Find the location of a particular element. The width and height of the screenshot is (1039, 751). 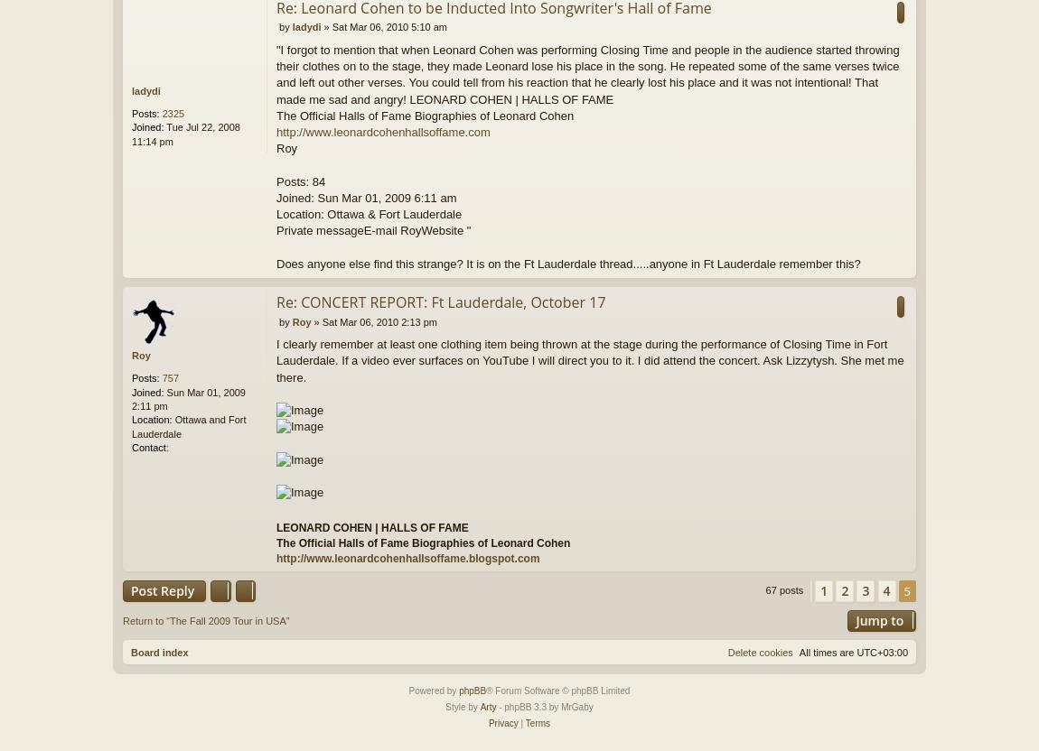

'Joined: Sun Mar 01, 2009 6:11 am' is located at coordinates (366, 197).